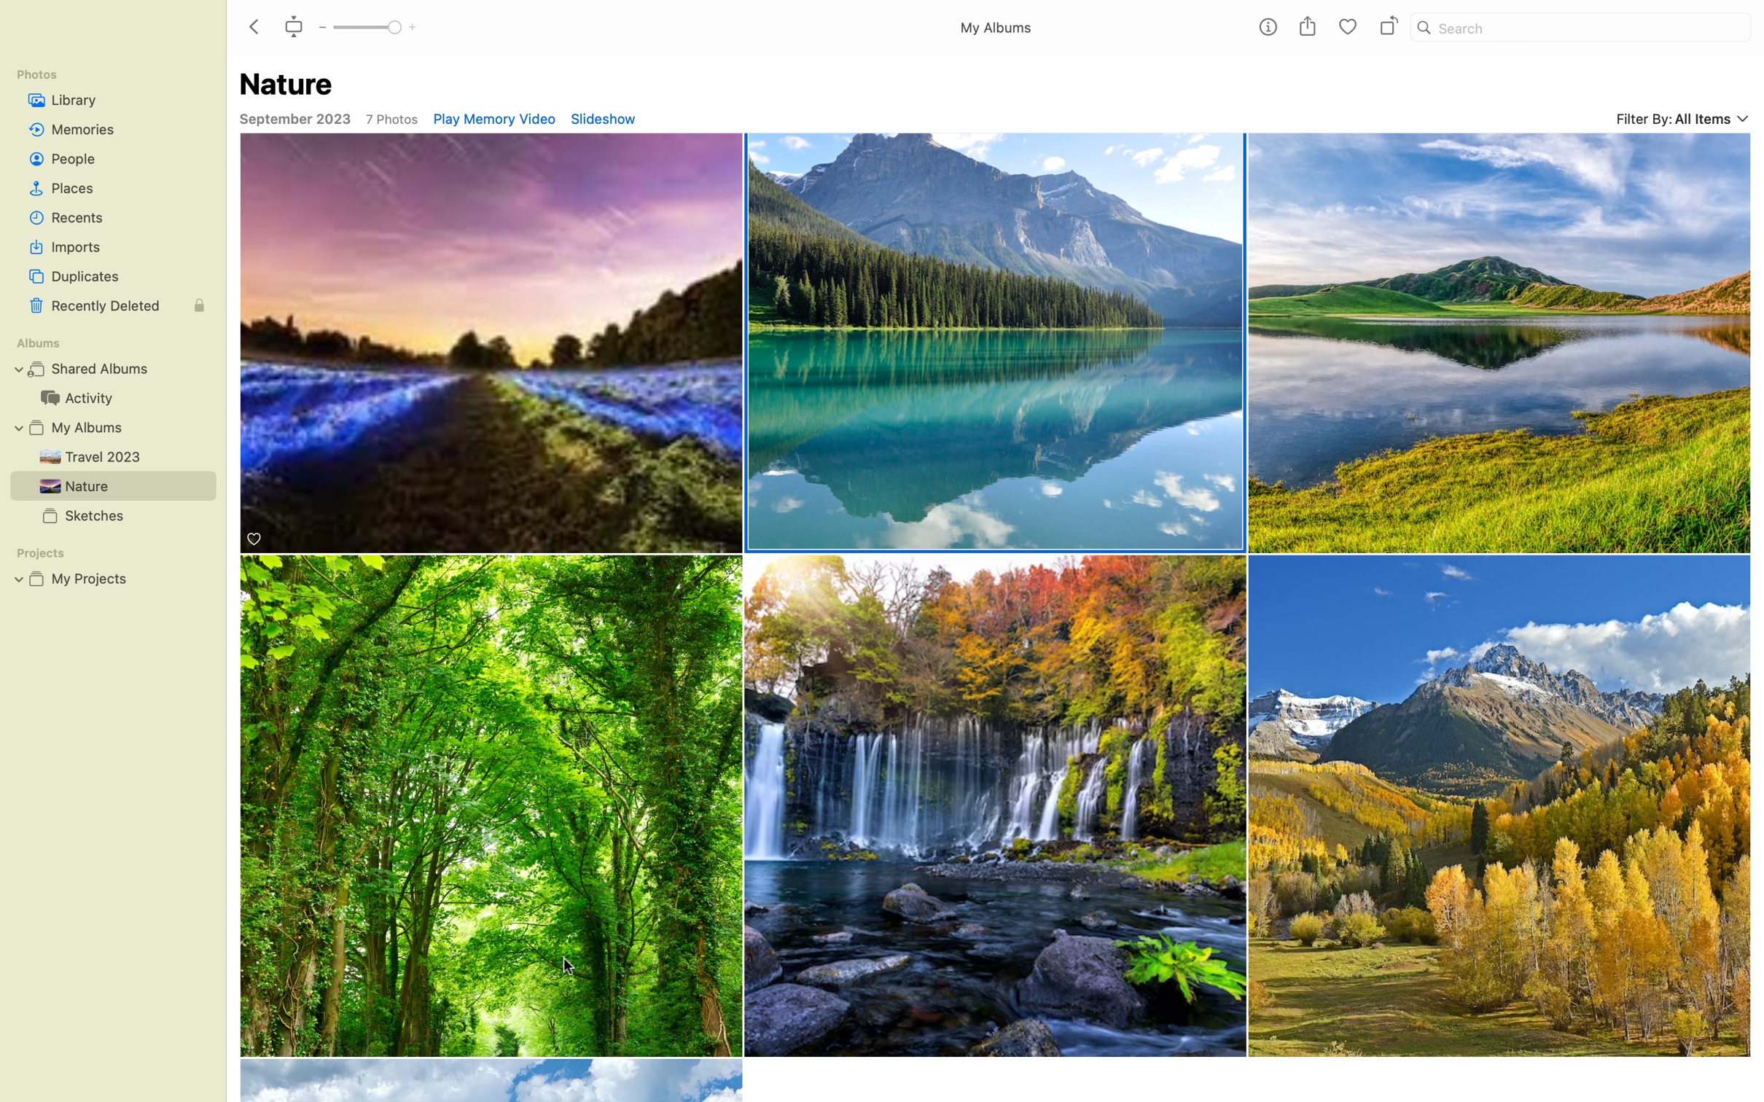  What do you see at coordinates (491, 344) in the screenshot?
I see `Zoom into the bioluminescence picture by clicking on it` at bounding box center [491, 344].